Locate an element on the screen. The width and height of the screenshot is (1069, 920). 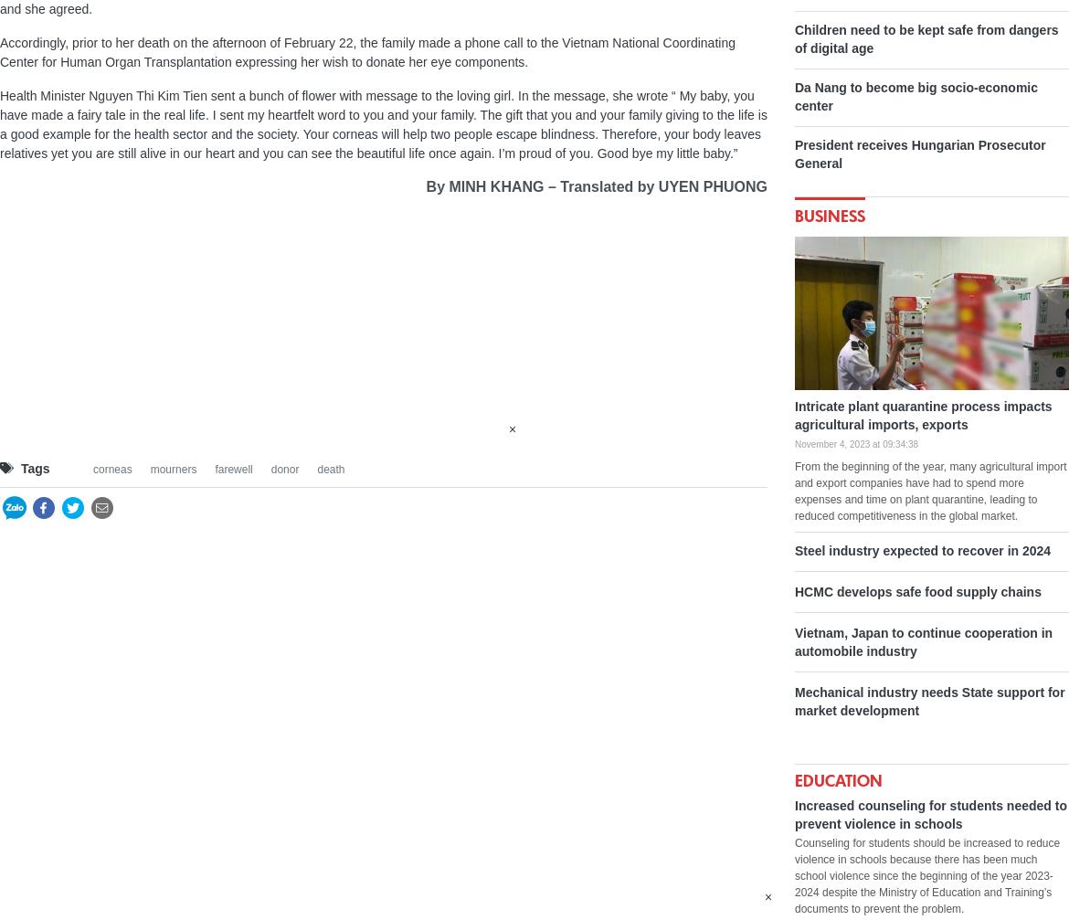
'Mechanical industry needs State support for market development' is located at coordinates (929, 701).